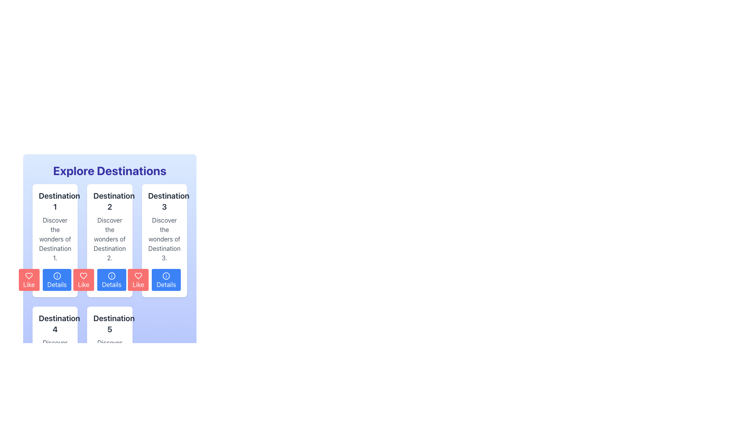  What do you see at coordinates (166, 275) in the screenshot?
I see `the circular icon with an 'i' symbol in its center, located within the button labeled 'Details' under the third column 'Destination 3' in the grid layout` at bounding box center [166, 275].